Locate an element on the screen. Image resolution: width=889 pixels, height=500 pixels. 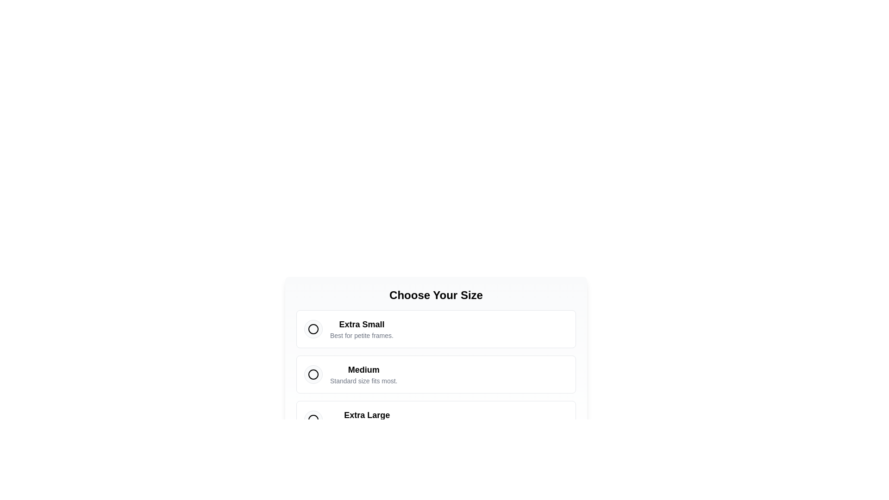
the 'Medium' size option text label, which is the second item in the selectable list of size options, to interact with it is located at coordinates (363, 374).